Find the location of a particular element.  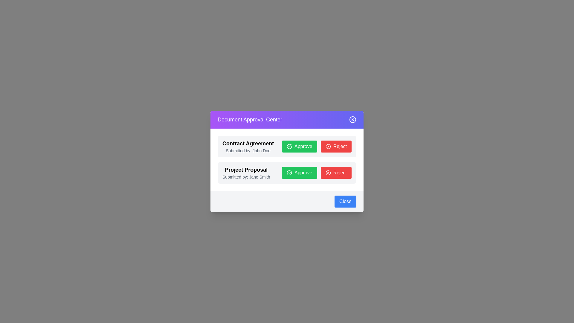

the label displaying 'Submitted by: Jane Smith', styled in gray and positioned directly below the 'Project Proposal' heading is located at coordinates (246, 176).